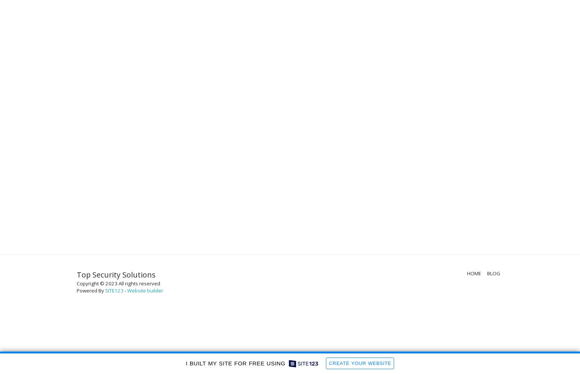 Image resolution: width=580 pixels, height=374 pixels. Describe the element at coordinates (118, 283) in the screenshot. I see `'Copyright © 2023 All rights reserved'` at that location.